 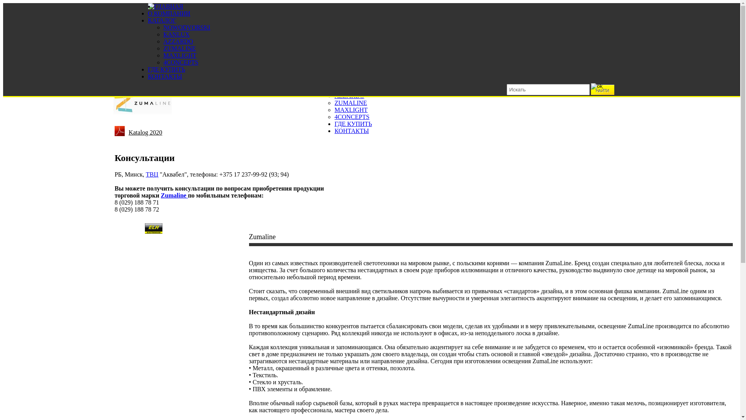 What do you see at coordinates (352, 117) in the screenshot?
I see `'4CONCEPTS'` at bounding box center [352, 117].